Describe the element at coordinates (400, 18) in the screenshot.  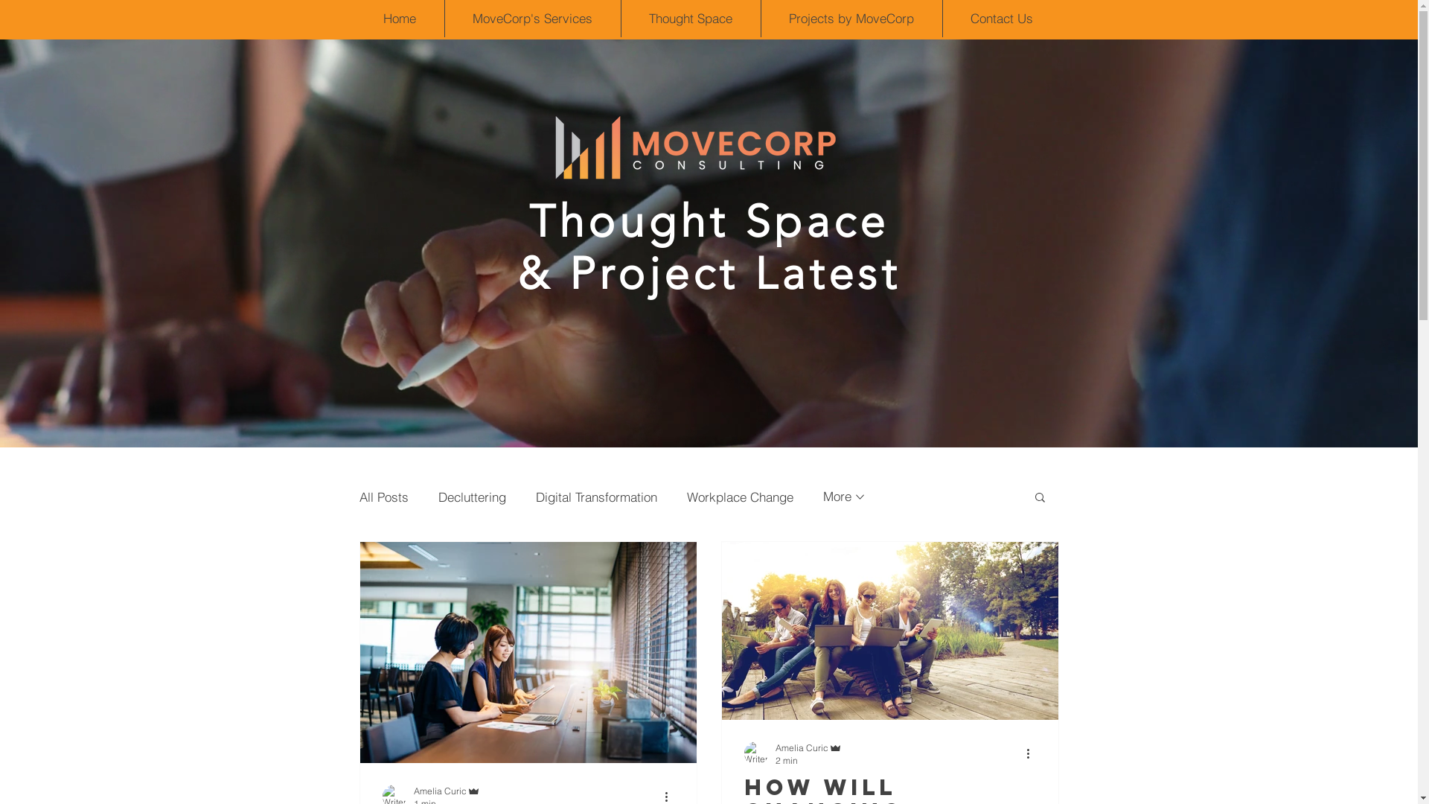
I see `'Home'` at that location.